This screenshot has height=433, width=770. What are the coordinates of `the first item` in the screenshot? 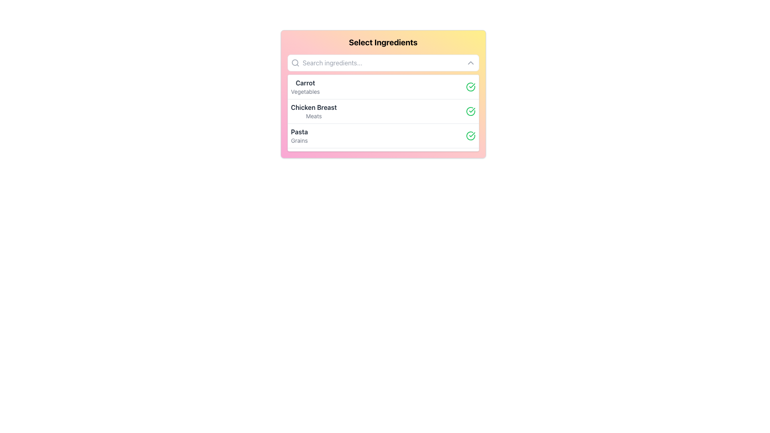 It's located at (383, 87).